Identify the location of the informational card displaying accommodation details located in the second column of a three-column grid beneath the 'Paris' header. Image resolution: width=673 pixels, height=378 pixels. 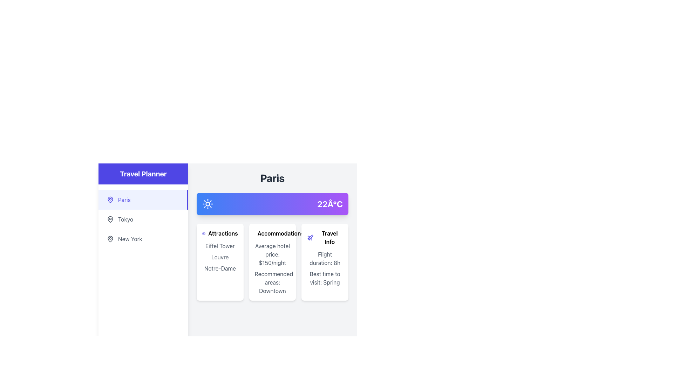
(272, 236).